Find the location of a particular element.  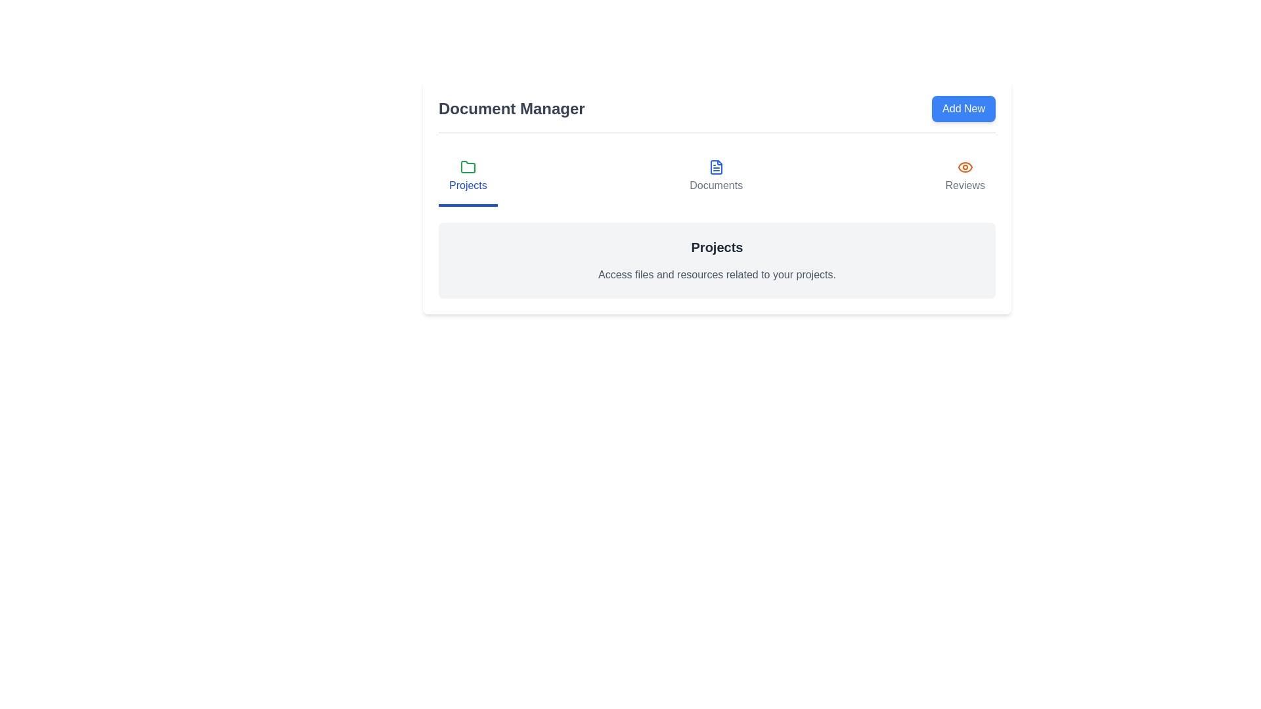

the Documents tab by clicking on its icon is located at coordinates (715, 177).